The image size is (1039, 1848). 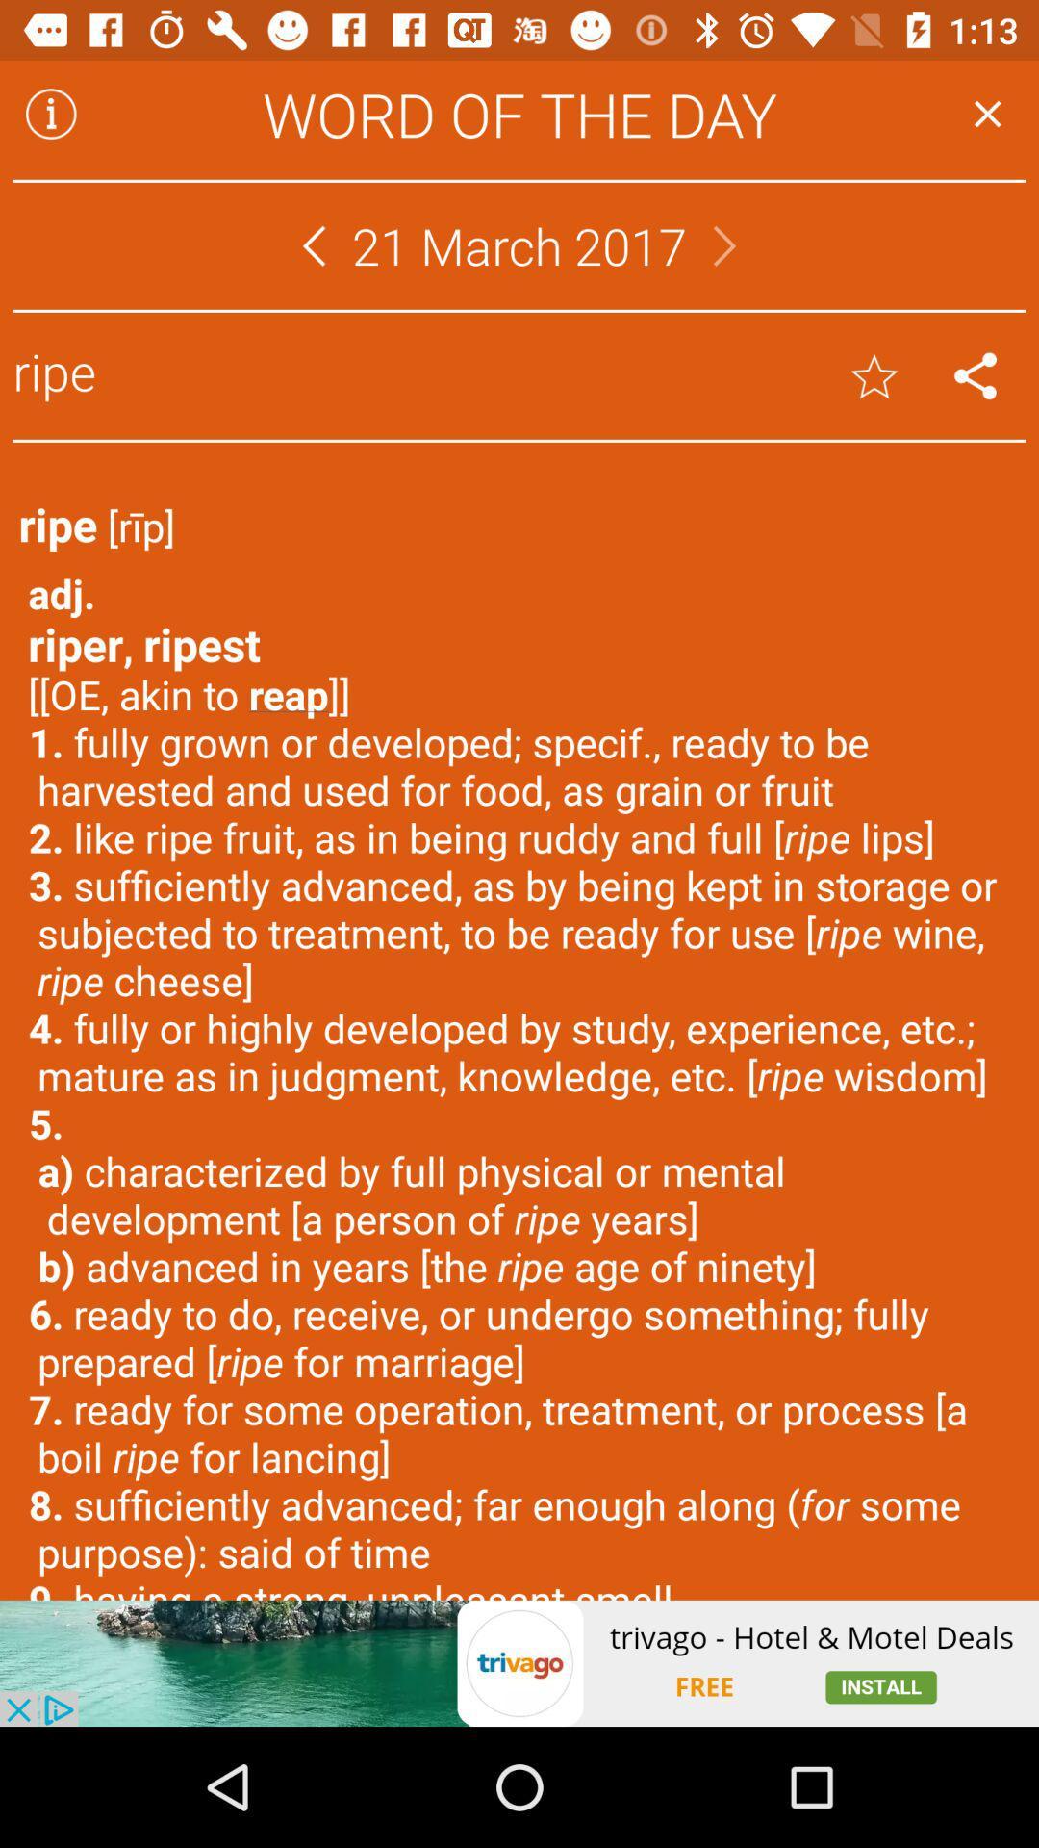 What do you see at coordinates (50, 113) in the screenshot?
I see `get additional information` at bounding box center [50, 113].